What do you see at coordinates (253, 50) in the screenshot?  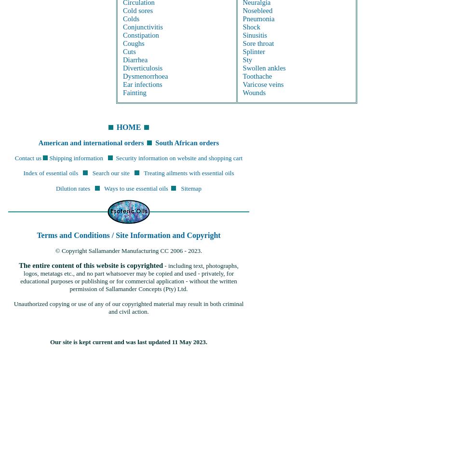 I see `'Splinter'` at bounding box center [253, 50].